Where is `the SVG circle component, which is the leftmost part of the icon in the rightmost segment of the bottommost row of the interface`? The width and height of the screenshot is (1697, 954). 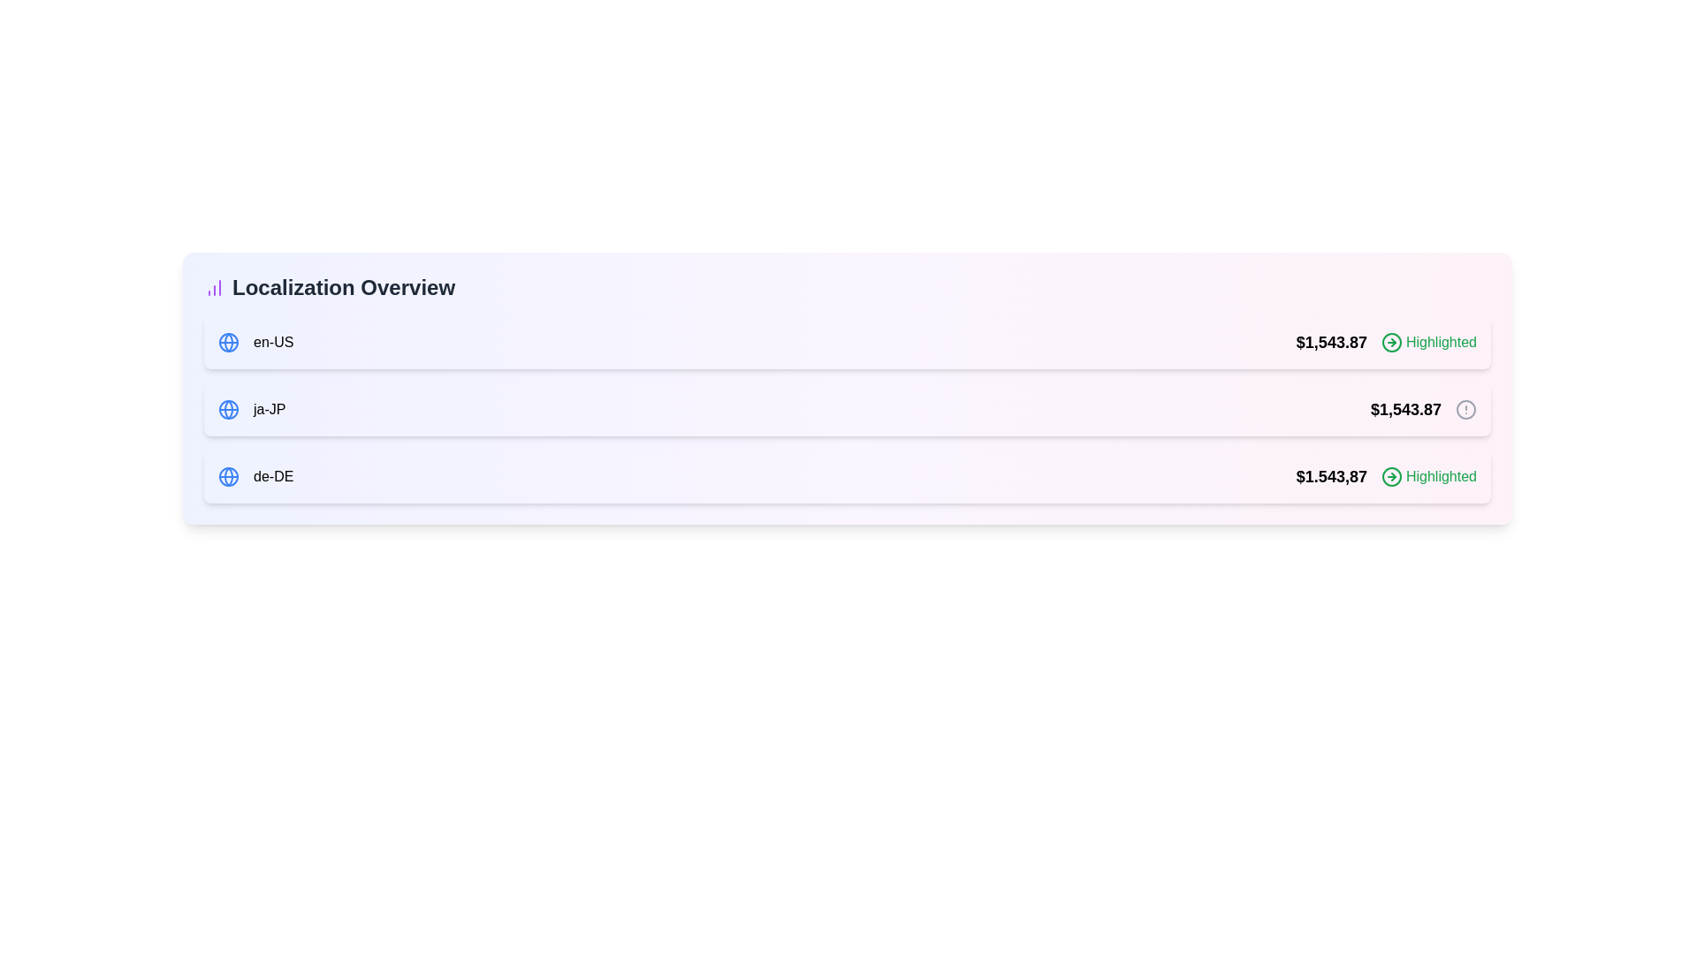 the SVG circle component, which is the leftmost part of the icon in the rightmost segment of the bottommost row of the interface is located at coordinates (1390, 477).